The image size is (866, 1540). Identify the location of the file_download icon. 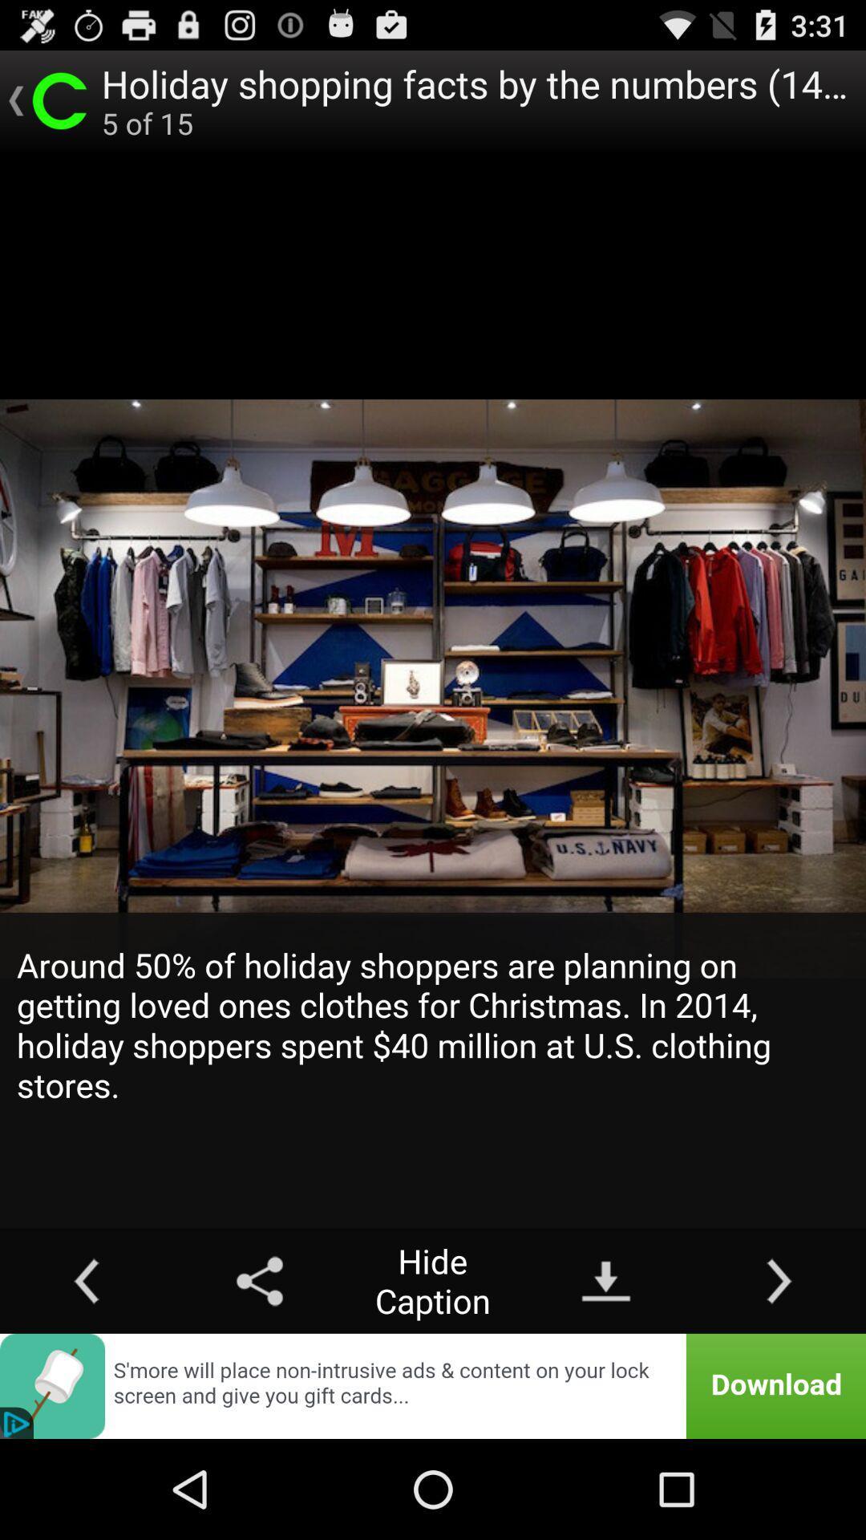
(606, 1370).